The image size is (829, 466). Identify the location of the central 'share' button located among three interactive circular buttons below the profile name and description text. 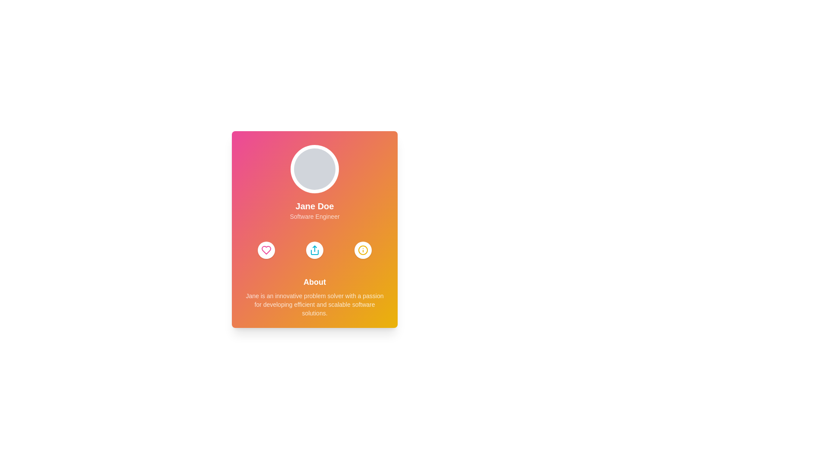
(314, 250).